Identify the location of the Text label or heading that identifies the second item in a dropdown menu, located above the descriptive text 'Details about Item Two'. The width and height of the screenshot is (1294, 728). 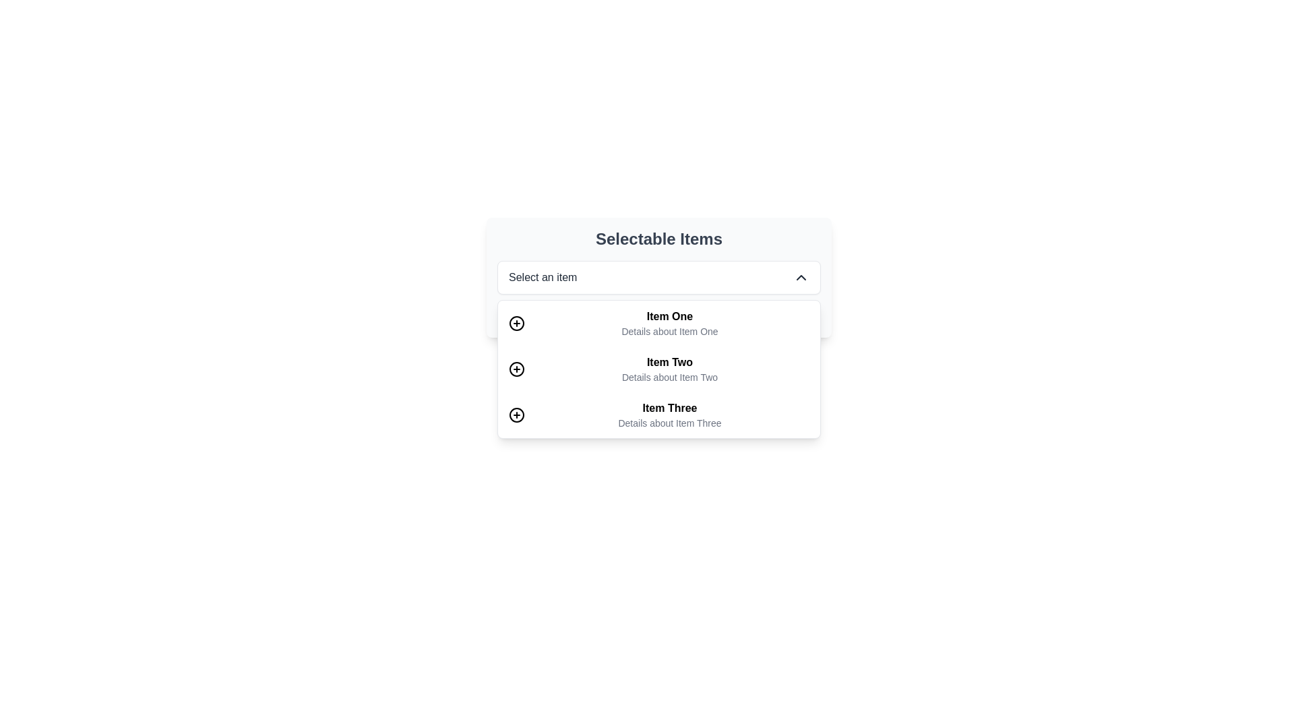
(669, 361).